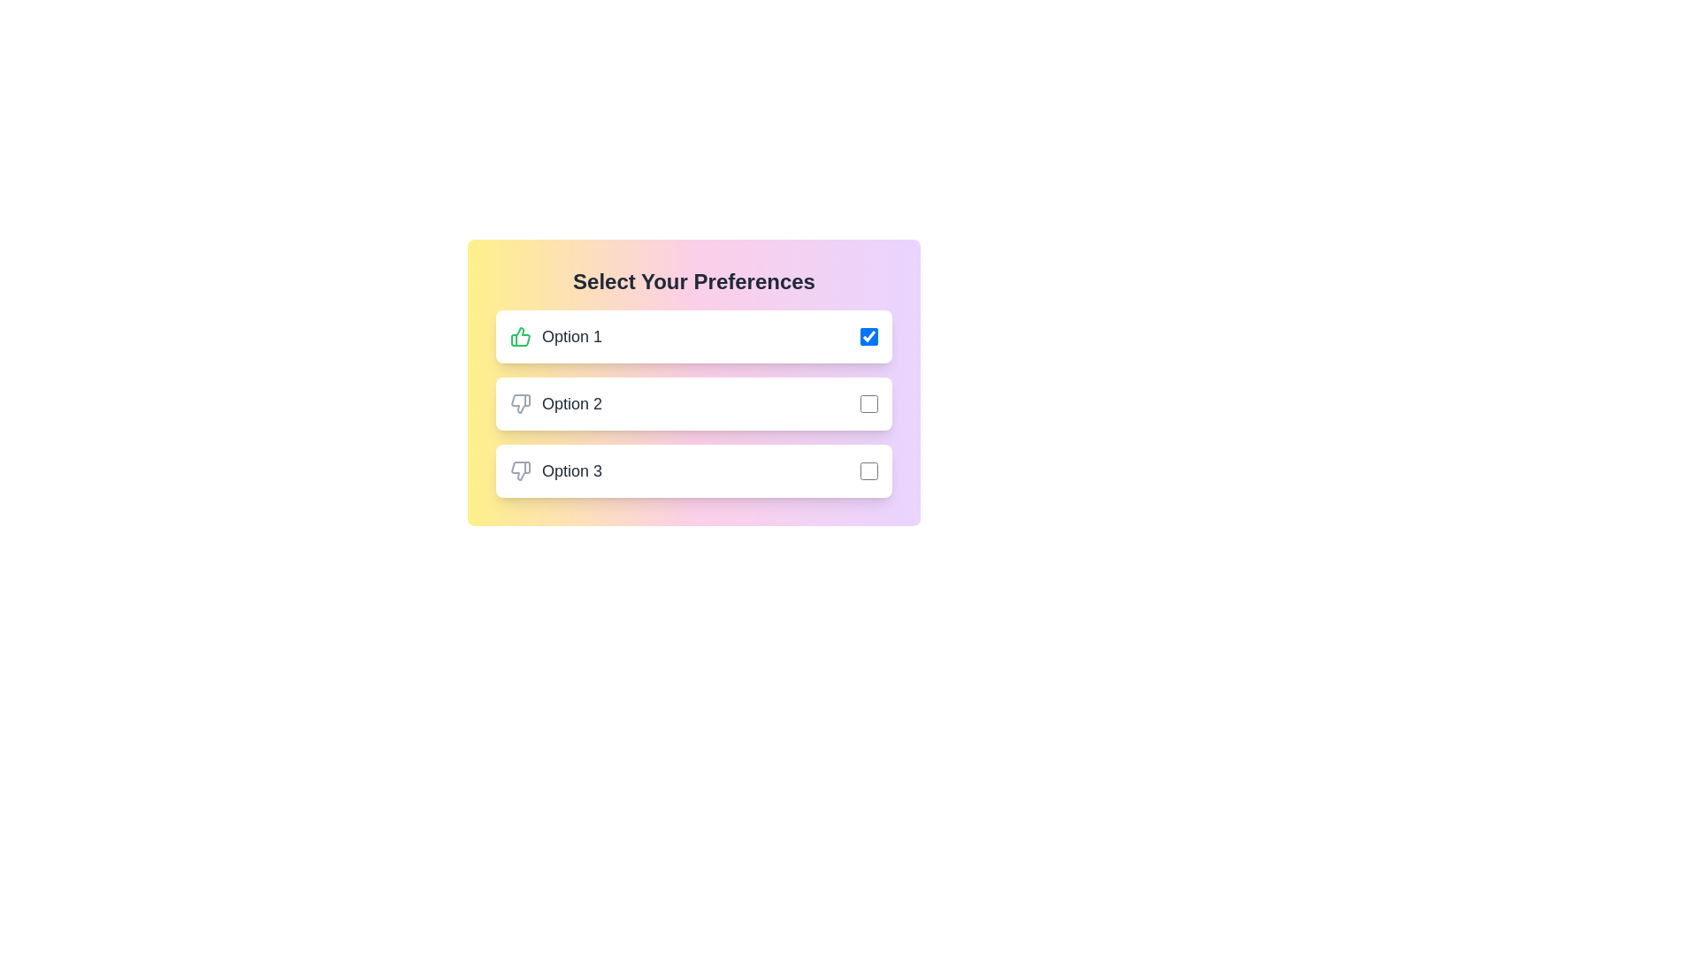 This screenshot has height=955, width=1698. Describe the element at coordinates (693, 403) in the screenshot. I see `the checkbox of the second option selection item located between 'Option 1' and 'Option 3'` at that location.